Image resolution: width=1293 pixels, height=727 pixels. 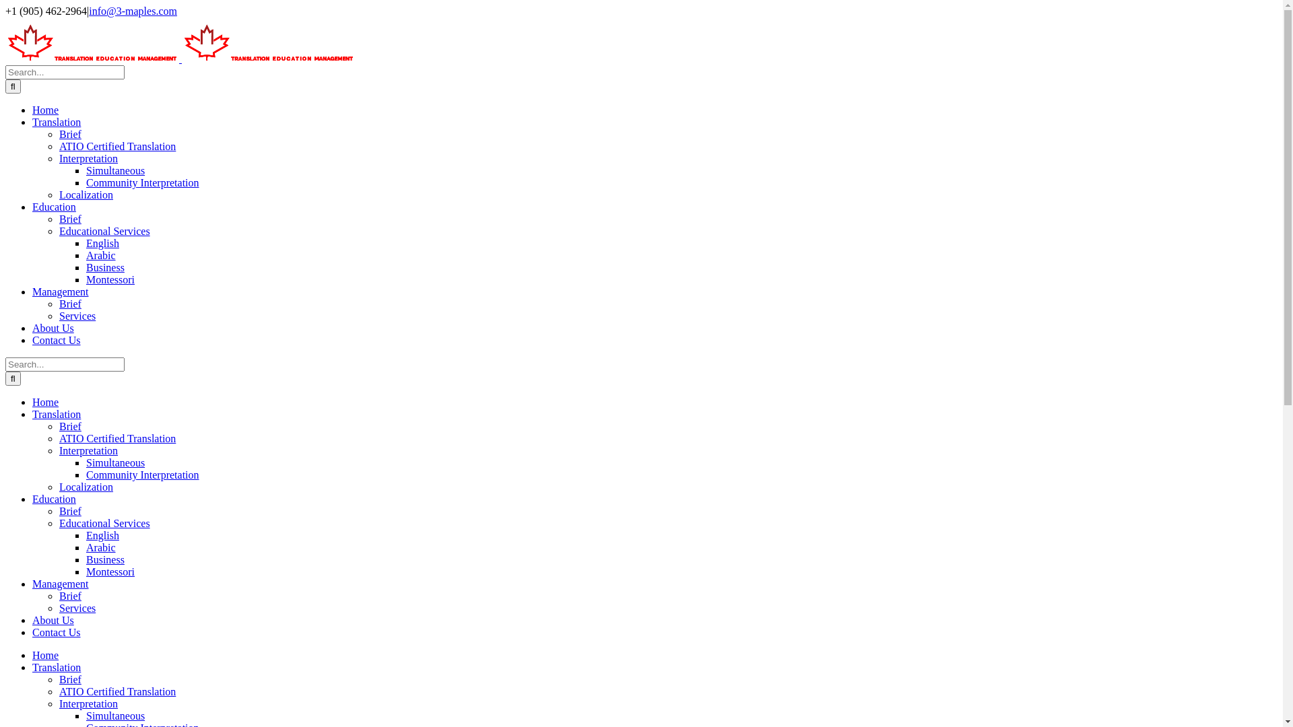 What do you see at coordinates (86, 487) in the screenshot?
I see `'Localization'` at bounding box center [86, 487].